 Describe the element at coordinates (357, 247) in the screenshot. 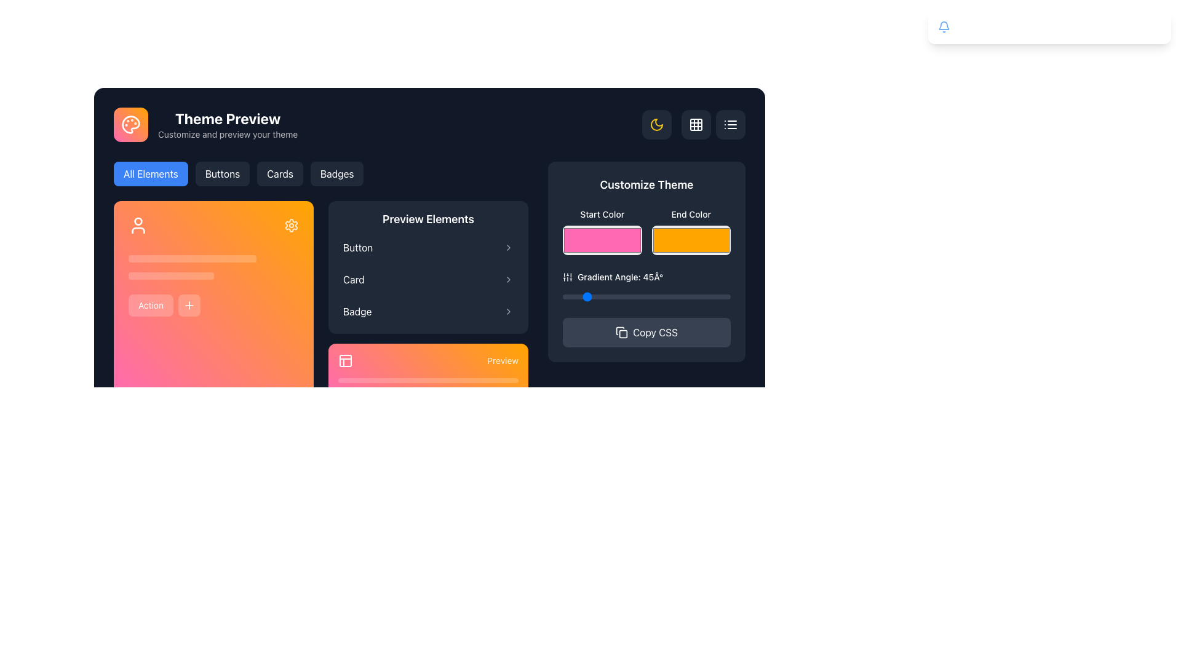

I see `the text label displaying 'Button' in white color, located under the 'Preview Elements' section` at that location.